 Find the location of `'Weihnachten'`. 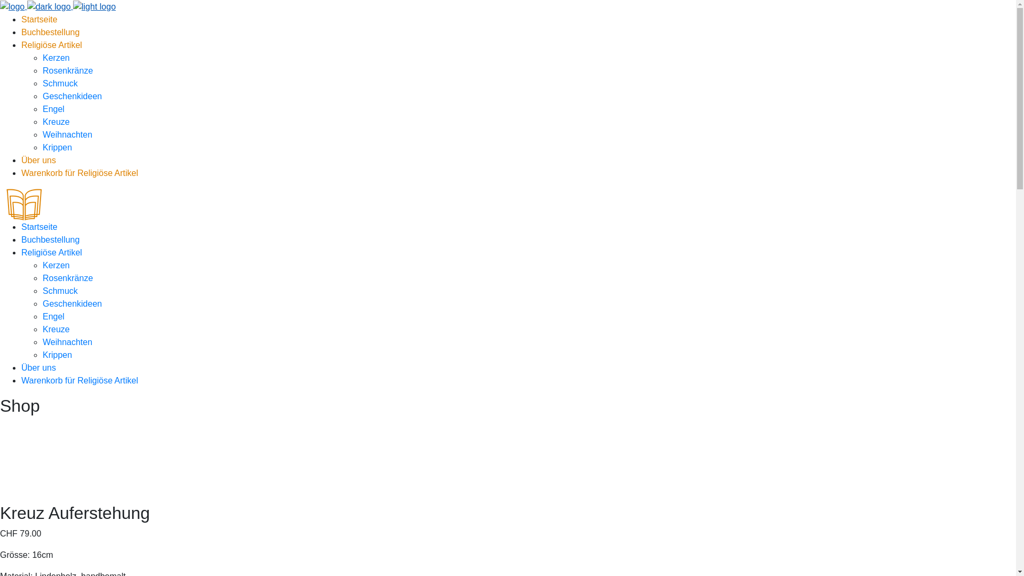

'Weihnachten' is located at coordinates (67, 134).